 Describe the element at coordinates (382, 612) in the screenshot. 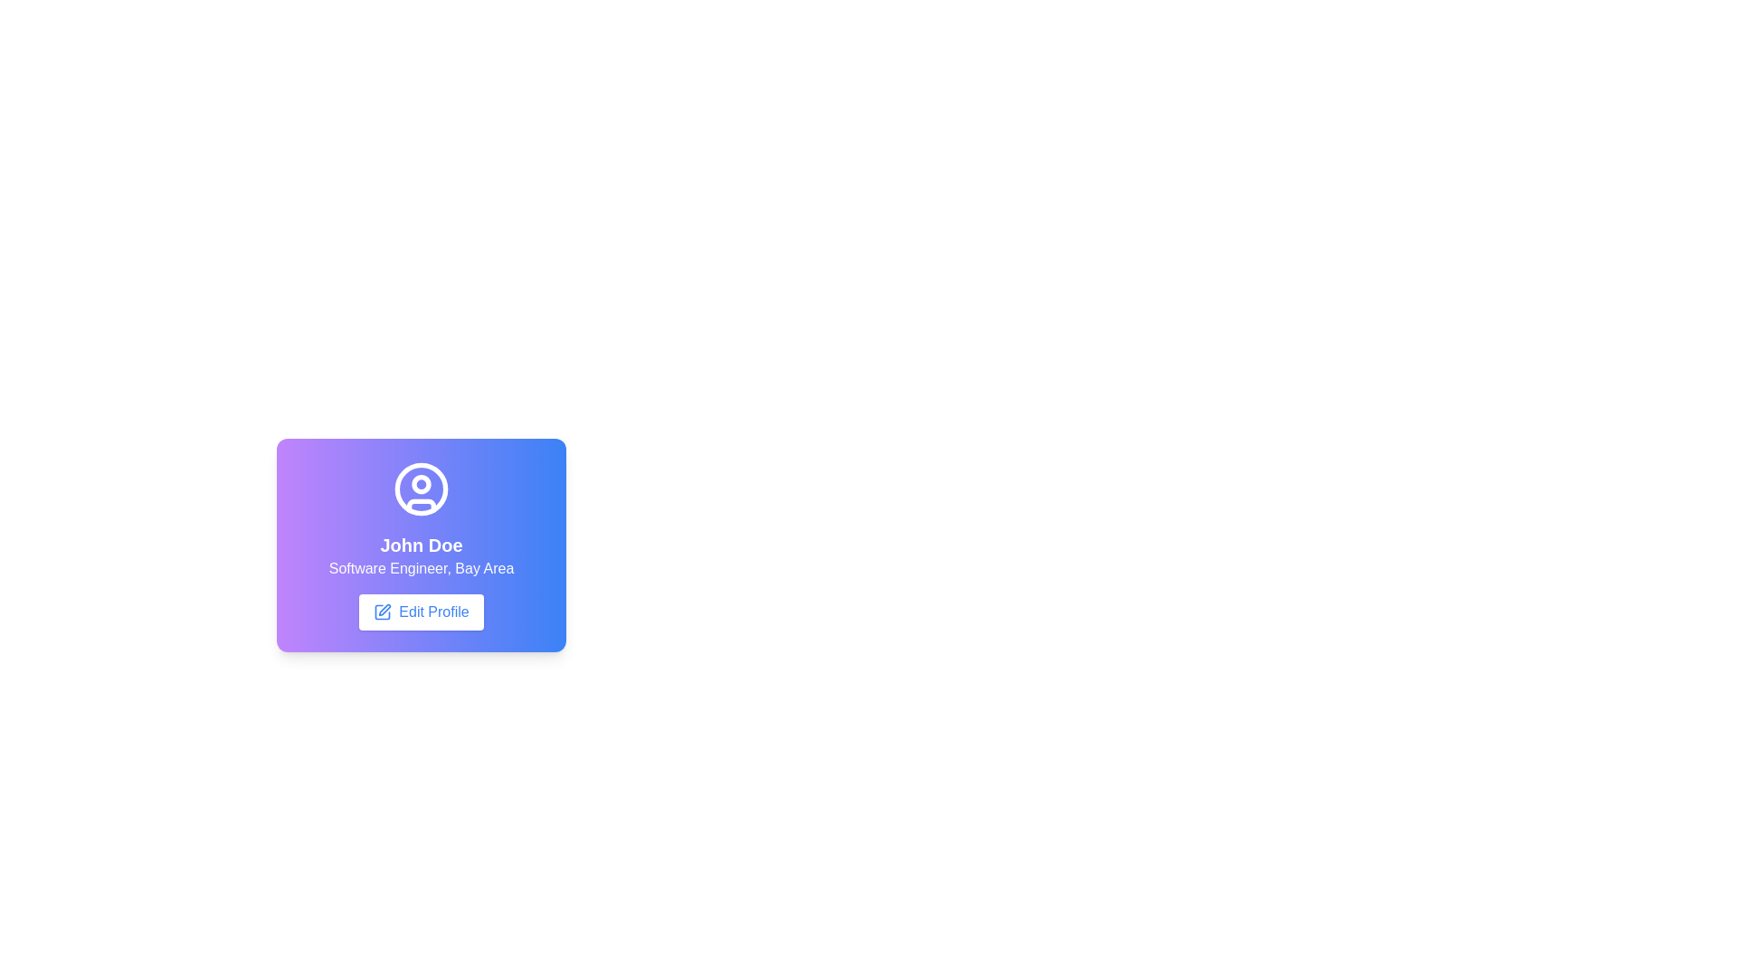

I see `the visual layout of the decorative icon that resembles a rectangle with rounded corners, part of the 'Edit Profile' button situated below the user name and title` at that location.